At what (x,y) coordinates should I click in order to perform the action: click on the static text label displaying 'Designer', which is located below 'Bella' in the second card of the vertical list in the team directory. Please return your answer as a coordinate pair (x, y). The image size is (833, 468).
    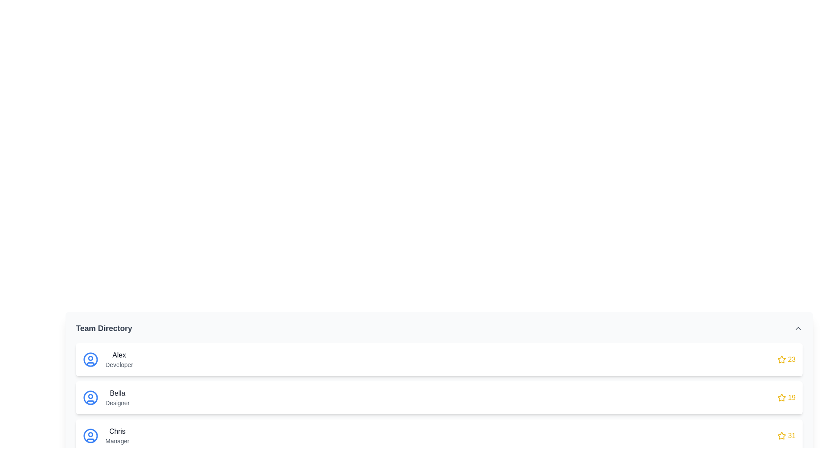
    Looking at the image, I should click on (117, 403).